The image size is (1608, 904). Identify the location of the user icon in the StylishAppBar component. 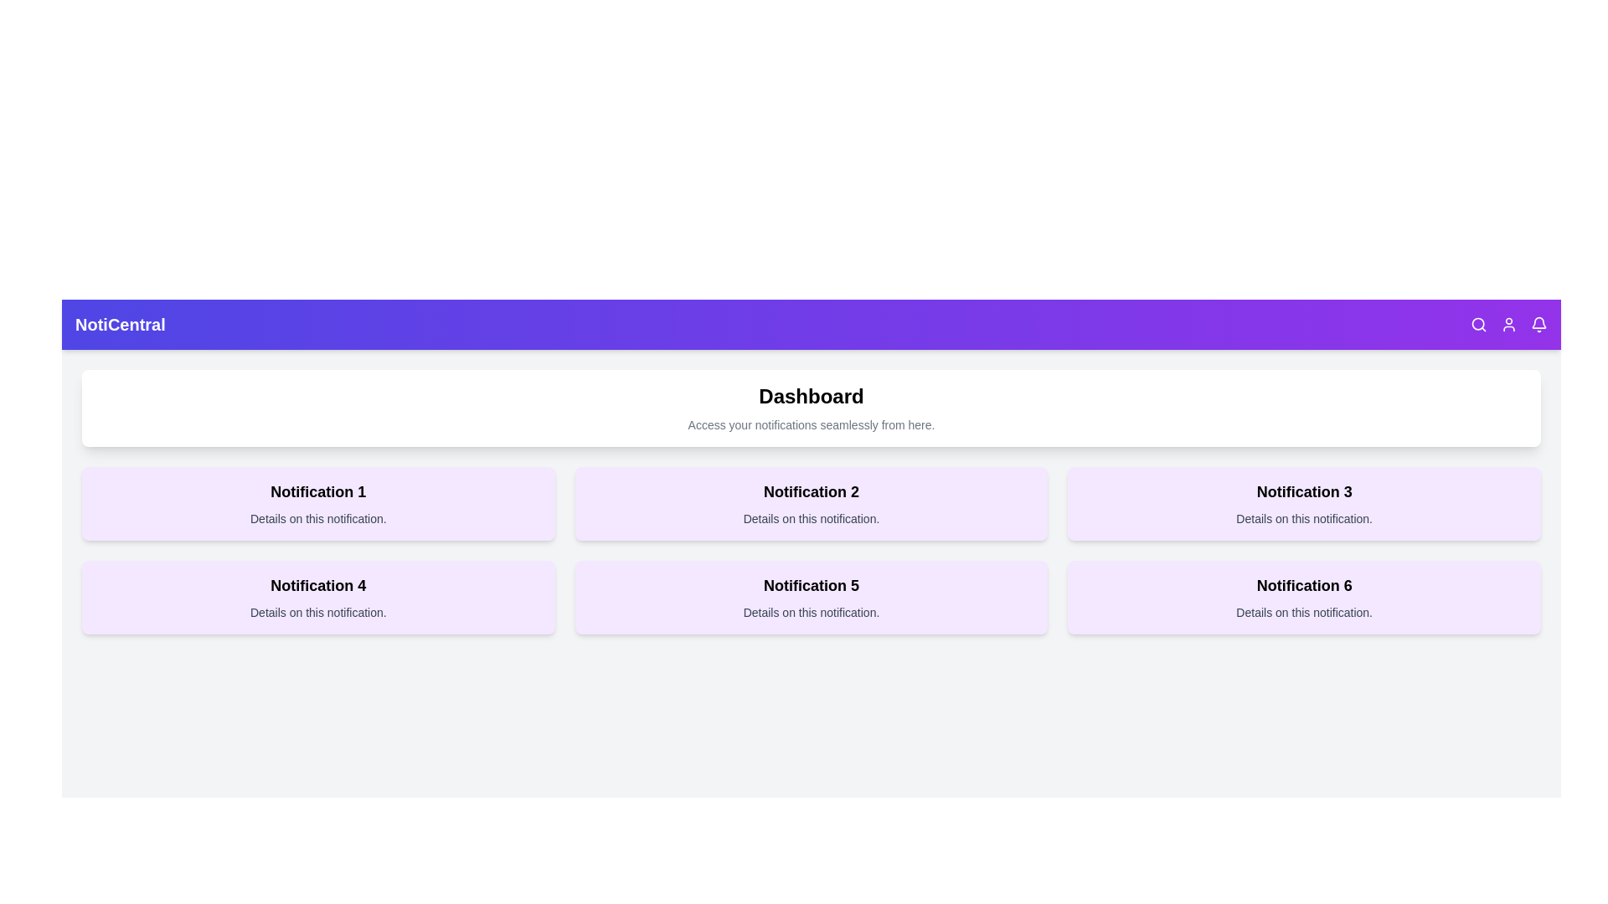
(1508, 325).